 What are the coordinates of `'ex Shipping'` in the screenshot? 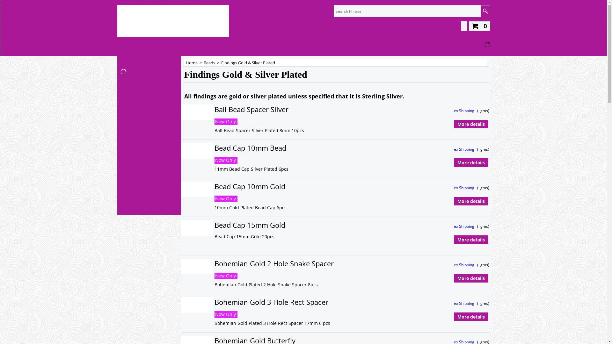 It's located at (464, 149).